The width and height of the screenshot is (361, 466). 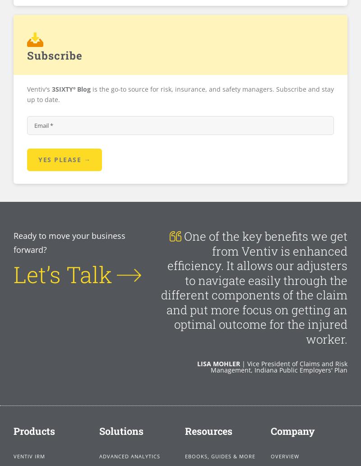 What do you see at coordinates (292, 430) in the screenshot?
I see `'Company'` at bounding box center [292, 430].